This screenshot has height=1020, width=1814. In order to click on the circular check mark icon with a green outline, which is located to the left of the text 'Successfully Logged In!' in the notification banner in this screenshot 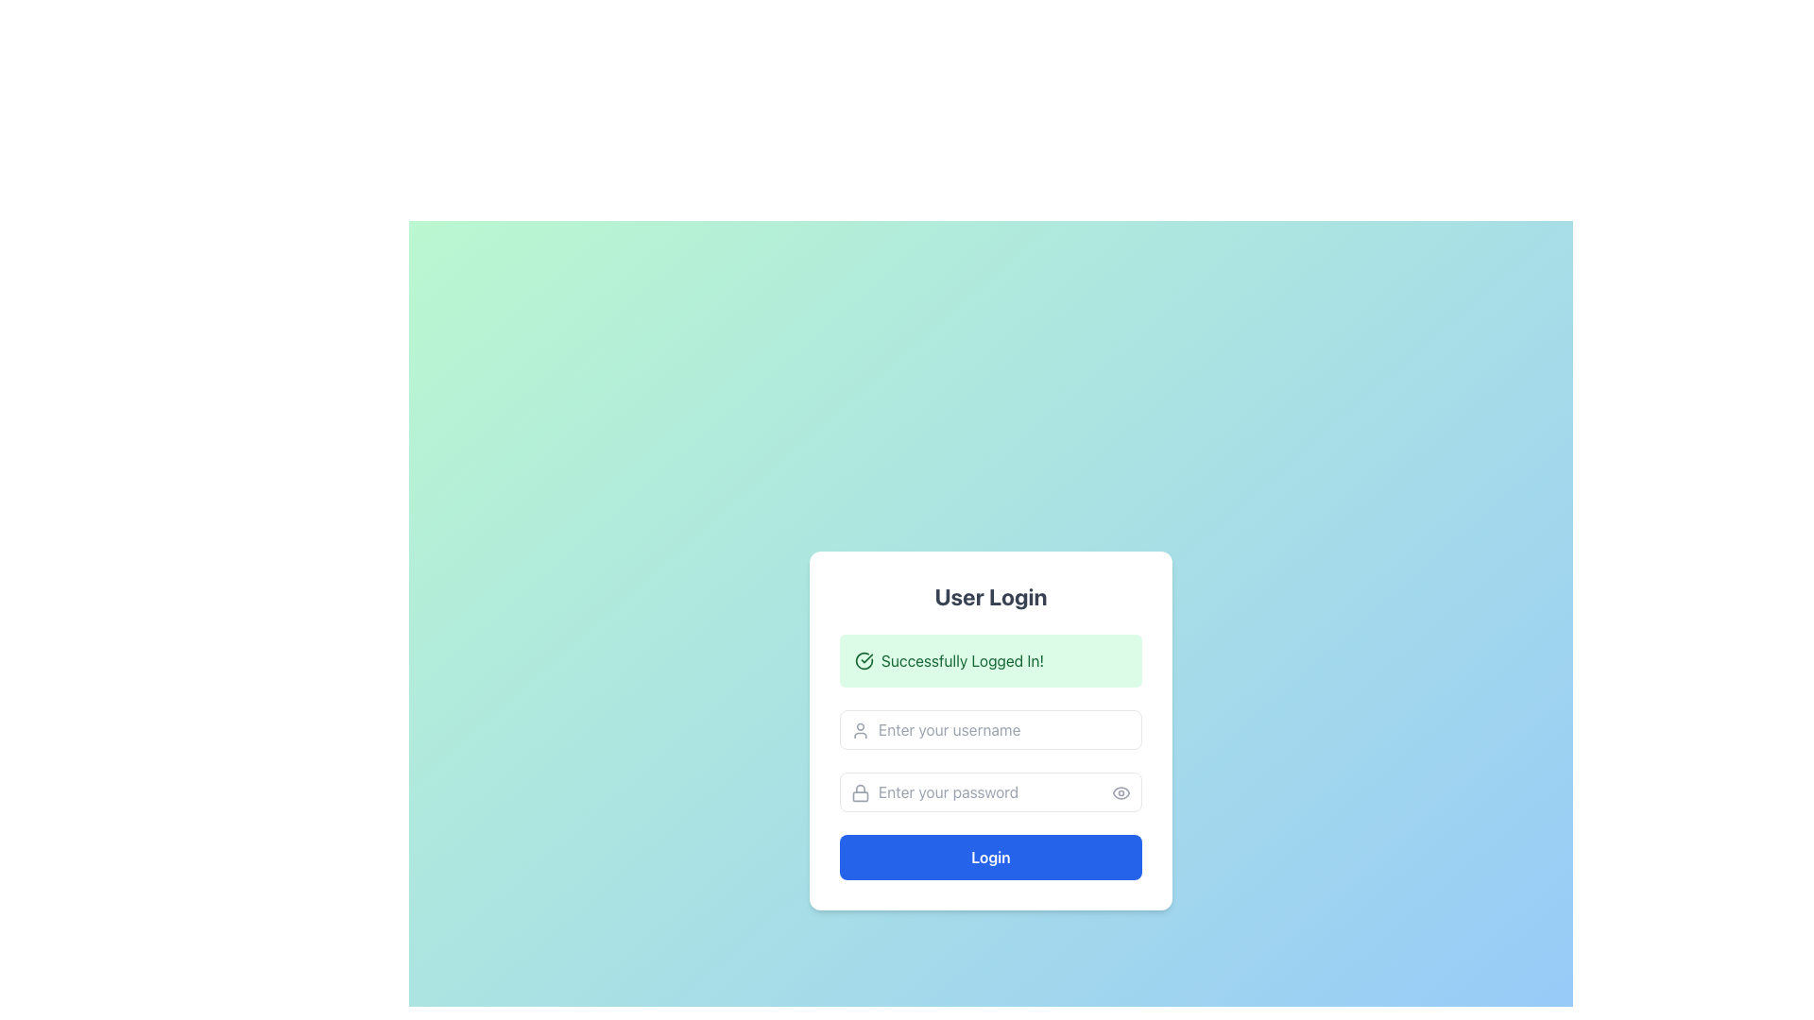, I will do `click(864, 659)`.